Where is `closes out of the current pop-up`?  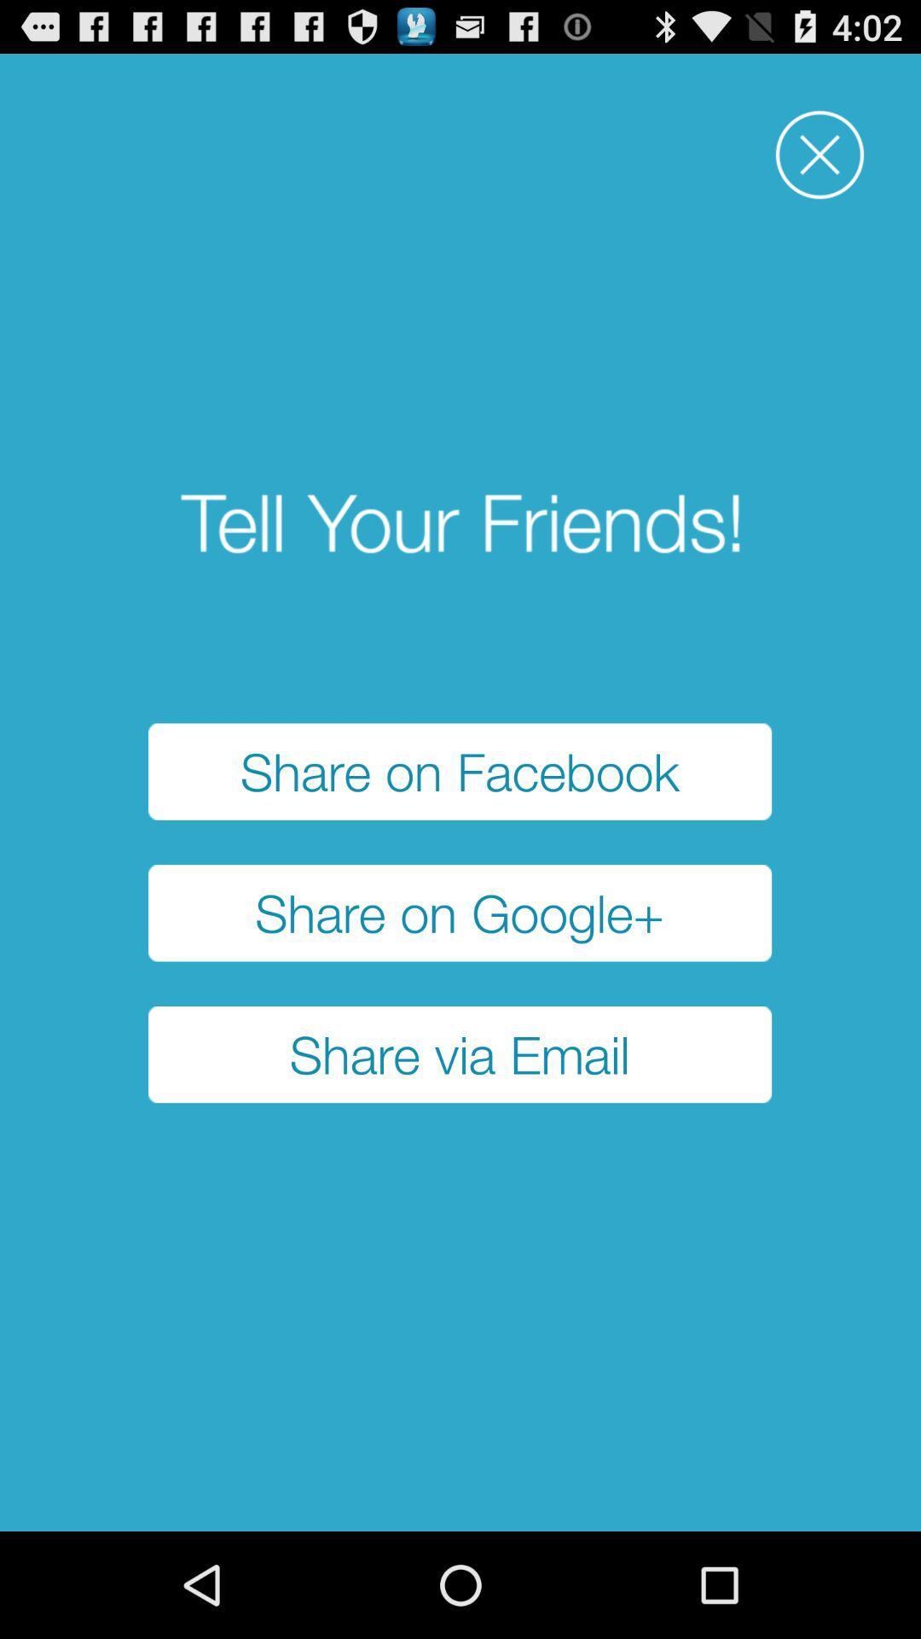 closes out of the current pop-up is located at coordinates (819, 155).